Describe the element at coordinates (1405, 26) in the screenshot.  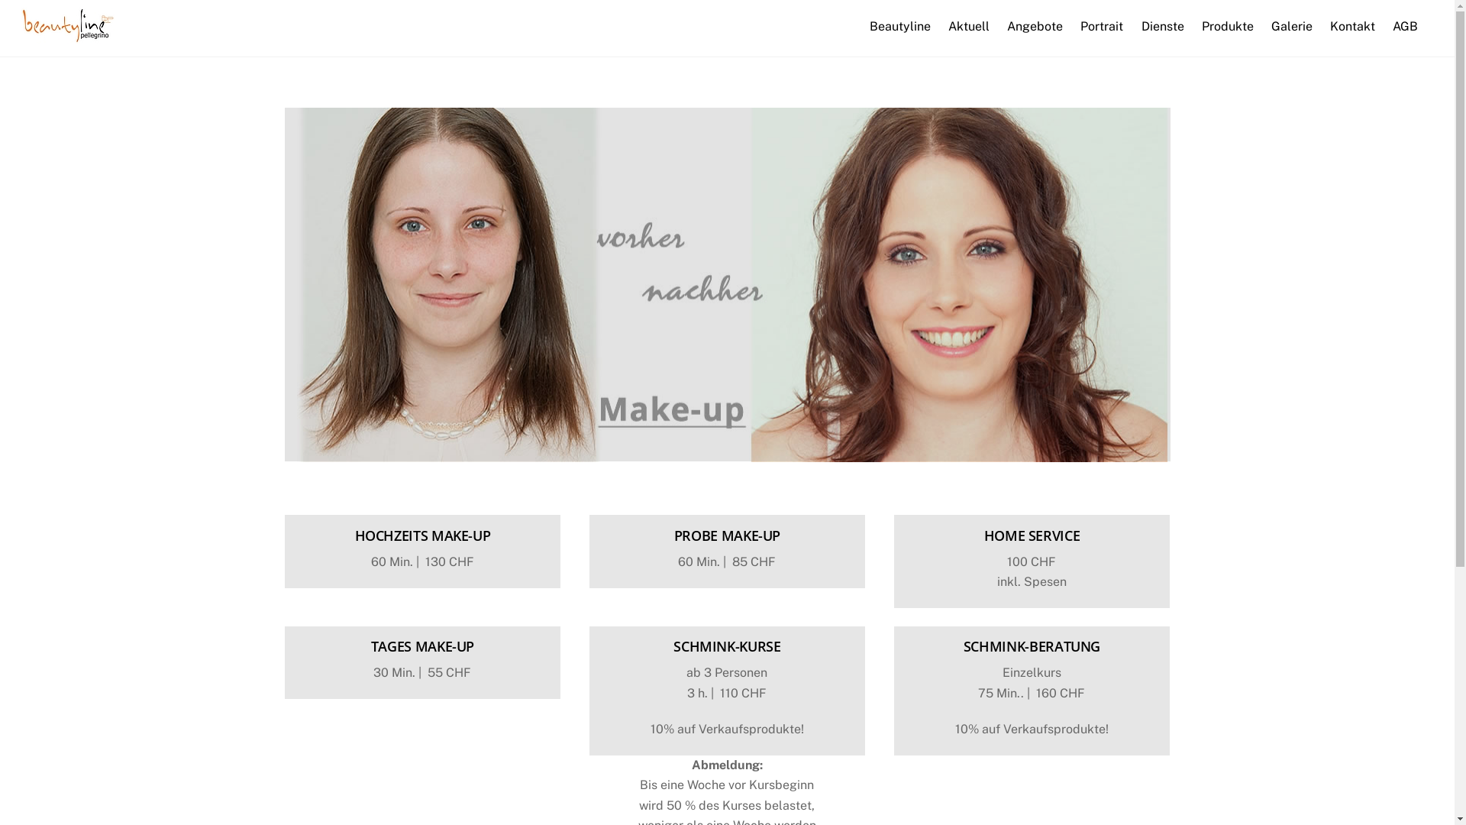
I see `'AGB'` at that location.